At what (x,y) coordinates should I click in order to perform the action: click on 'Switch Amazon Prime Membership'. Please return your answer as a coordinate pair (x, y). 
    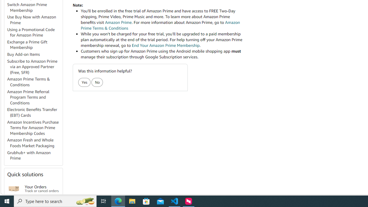
    Looking at the image, I should click on (27, 7).